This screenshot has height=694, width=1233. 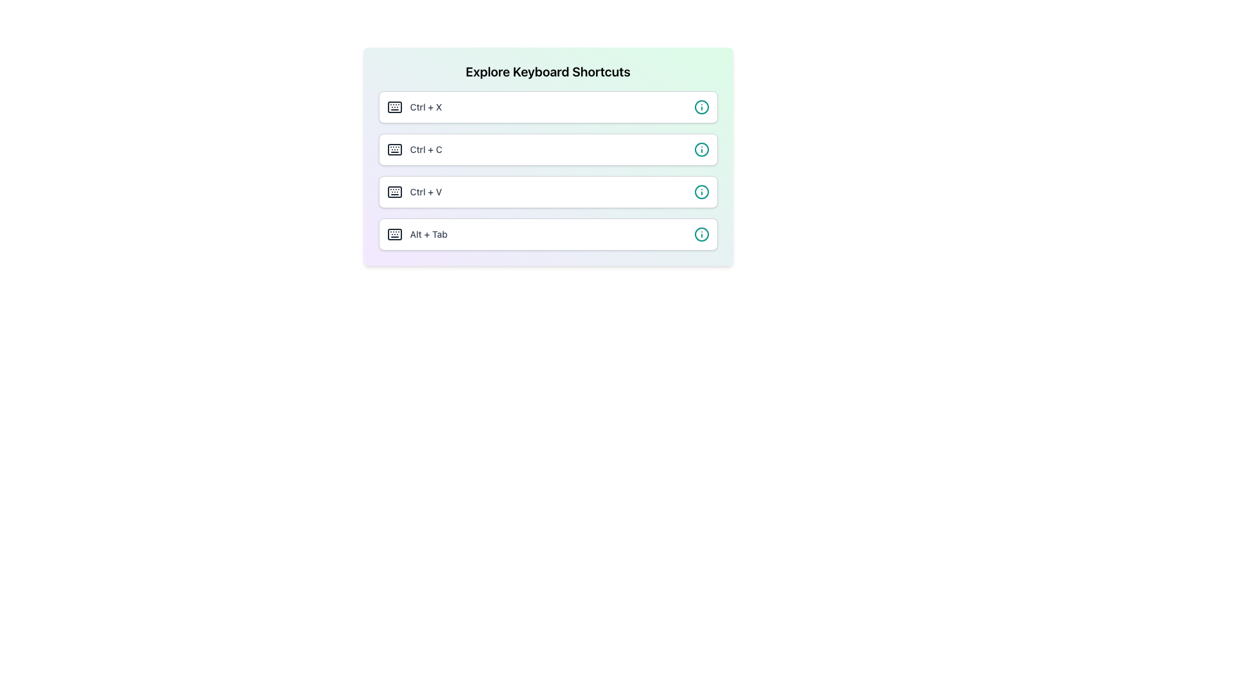 What do you see at coordinates (701, 106) in the screenshot?
I see `the circular graphical element representing the info icon within the SVG` at bounding box center [701, 106].